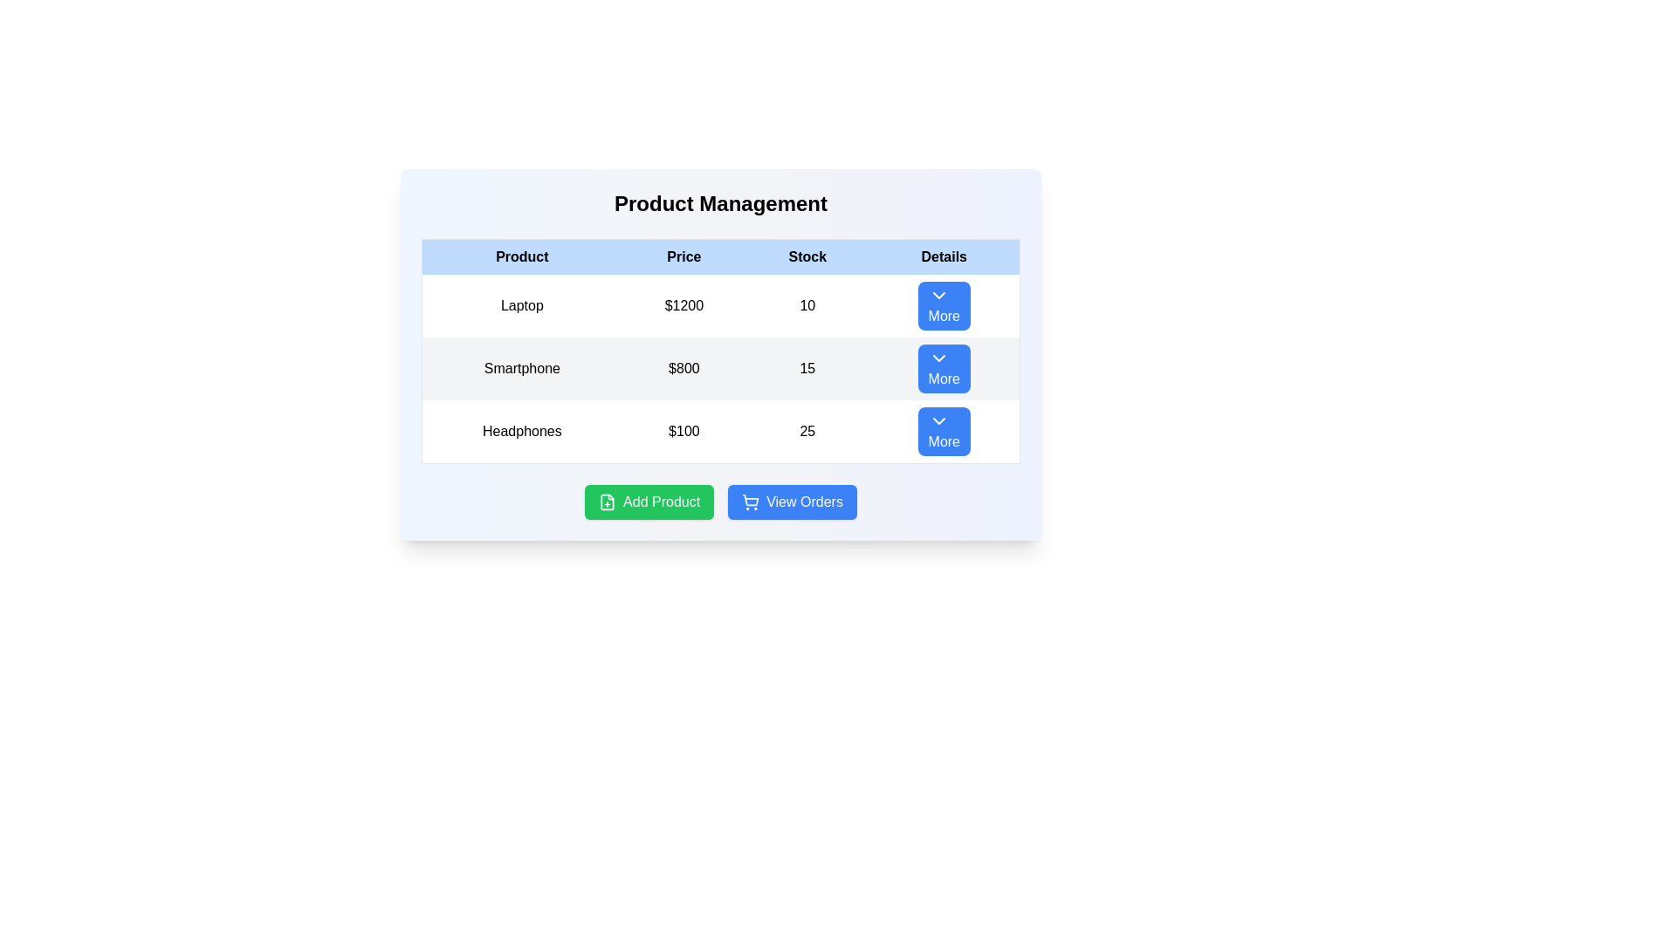 The width and height of the screenshot is (1676, 942). I want to click on the rectangular blue button labeled 'More' with a chevron icon, so click(944, 432).